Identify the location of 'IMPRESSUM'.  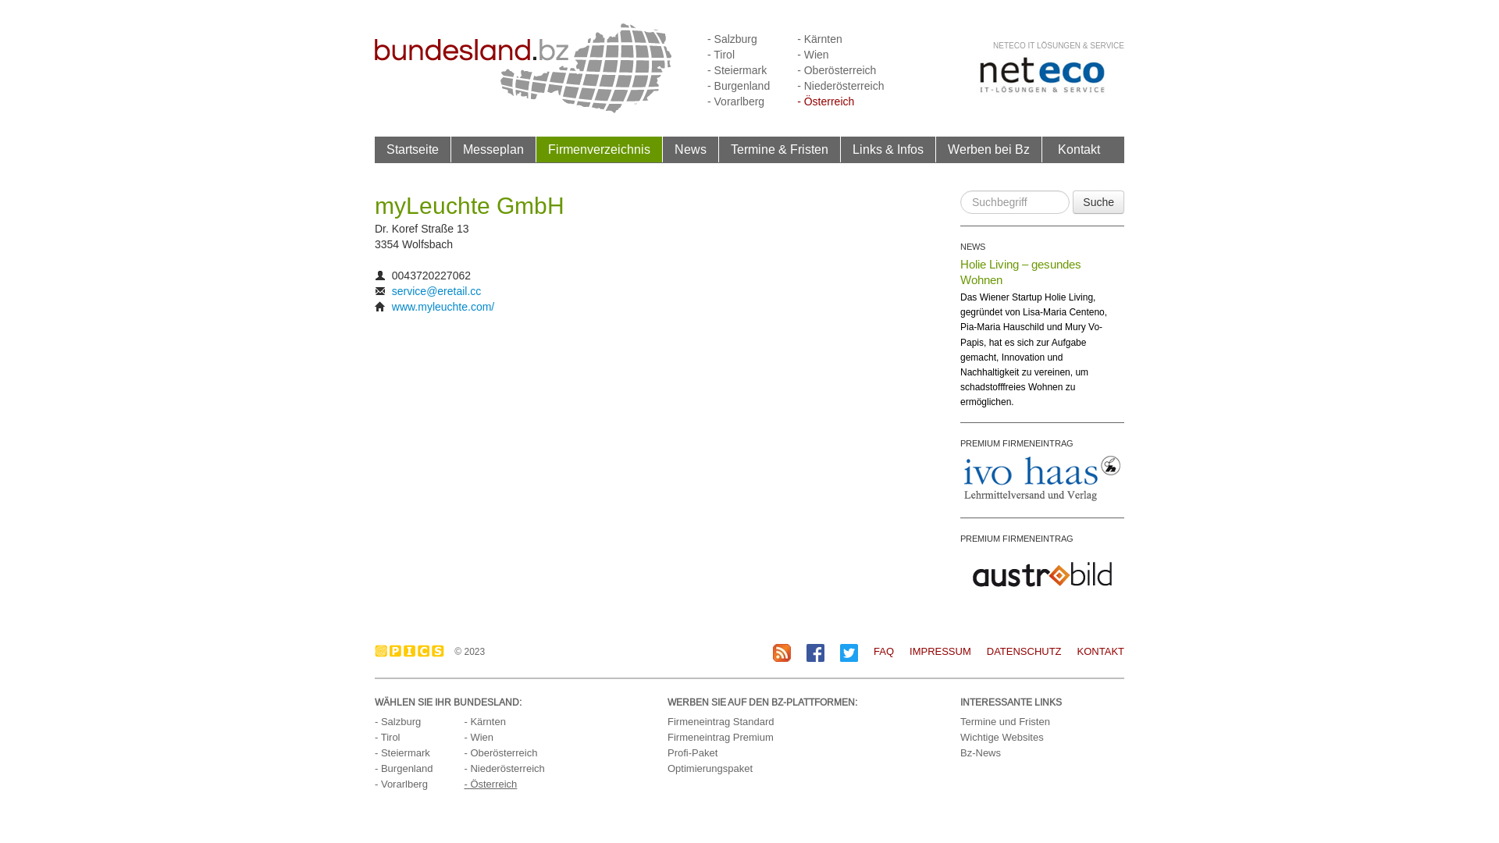
(894, 650).